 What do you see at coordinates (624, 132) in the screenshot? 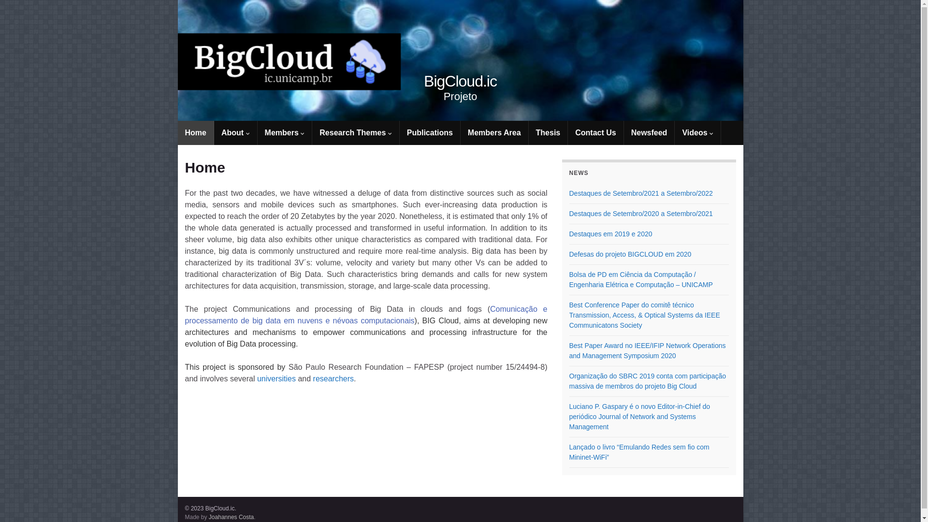
I see `'Newsfeed'` at bounding box center [624, 132].